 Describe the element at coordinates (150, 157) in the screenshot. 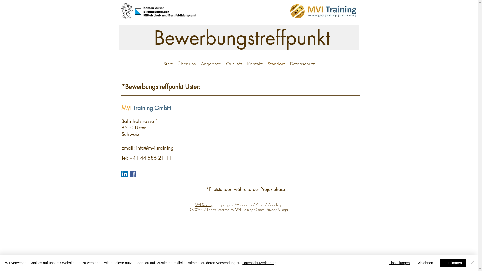

I see `'+41 44 586 21 11'` at that location.